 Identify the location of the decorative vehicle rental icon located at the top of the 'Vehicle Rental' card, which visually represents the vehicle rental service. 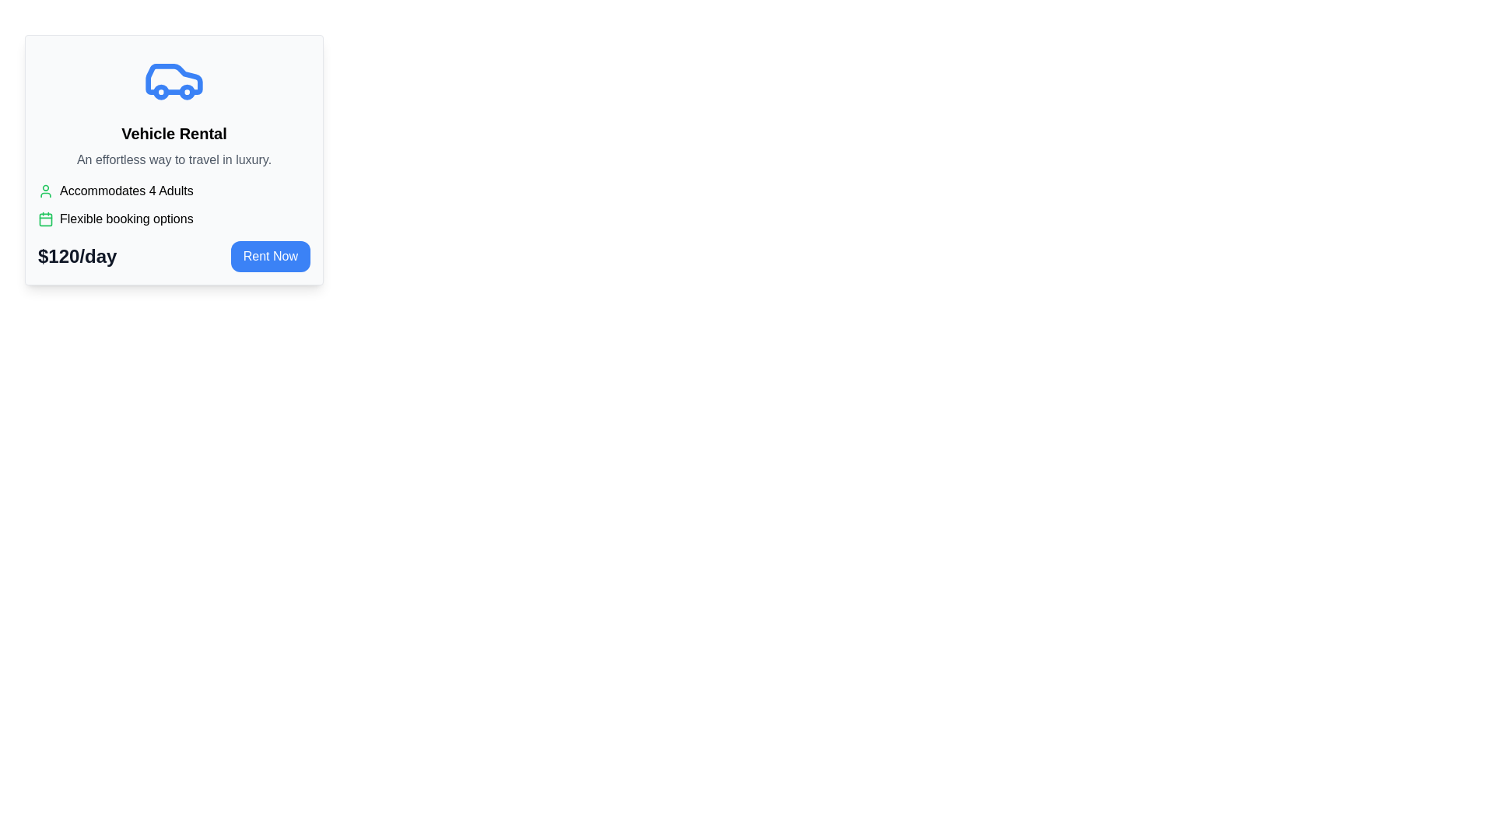
(174, 79).